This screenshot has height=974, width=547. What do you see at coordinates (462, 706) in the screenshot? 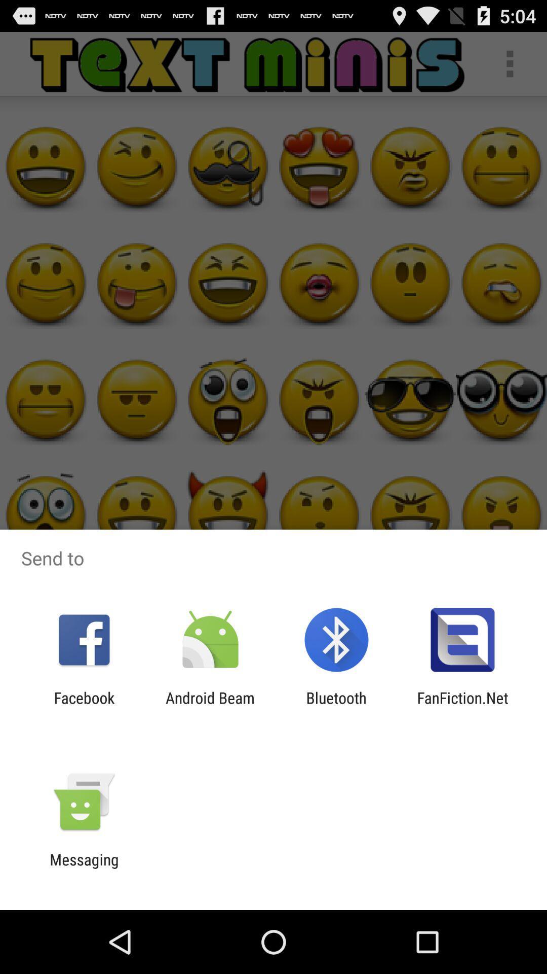
I see `icon next to bluetooth app` at bounding box center [462, 706].